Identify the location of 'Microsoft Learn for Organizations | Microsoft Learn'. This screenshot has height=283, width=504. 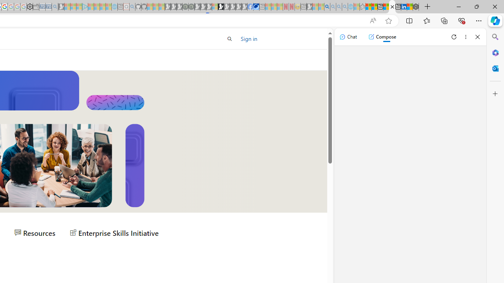
(392, 7).